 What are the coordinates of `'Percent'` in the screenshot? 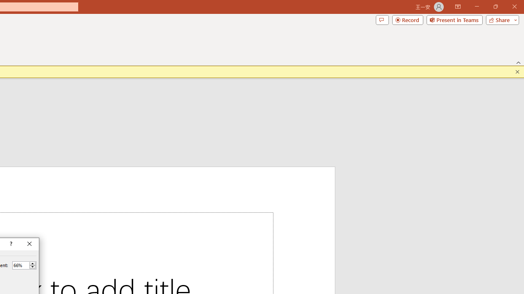 It's located at (24, 265).